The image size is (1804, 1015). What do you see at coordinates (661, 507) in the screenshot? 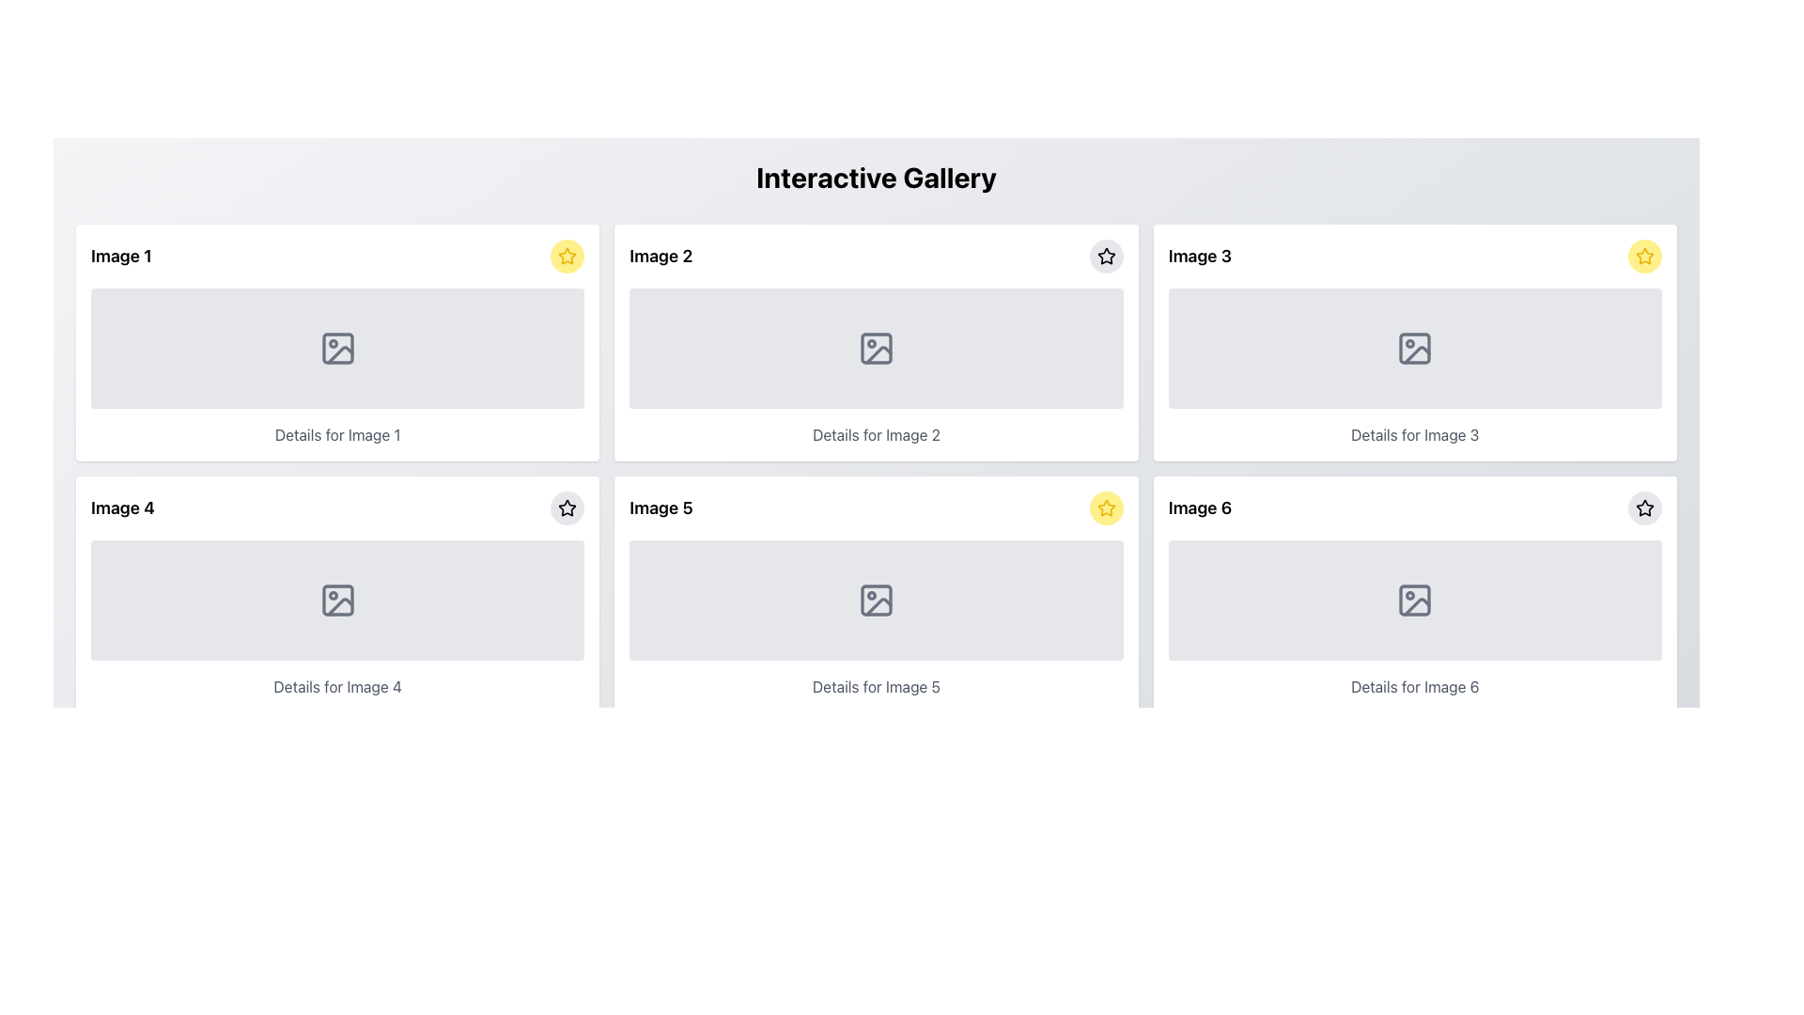
I see `the text label for the fifth image in the gallery, which identifies the associated visual content and is located above the 'Details for Image 5' link` at bounding box center [661, 507].